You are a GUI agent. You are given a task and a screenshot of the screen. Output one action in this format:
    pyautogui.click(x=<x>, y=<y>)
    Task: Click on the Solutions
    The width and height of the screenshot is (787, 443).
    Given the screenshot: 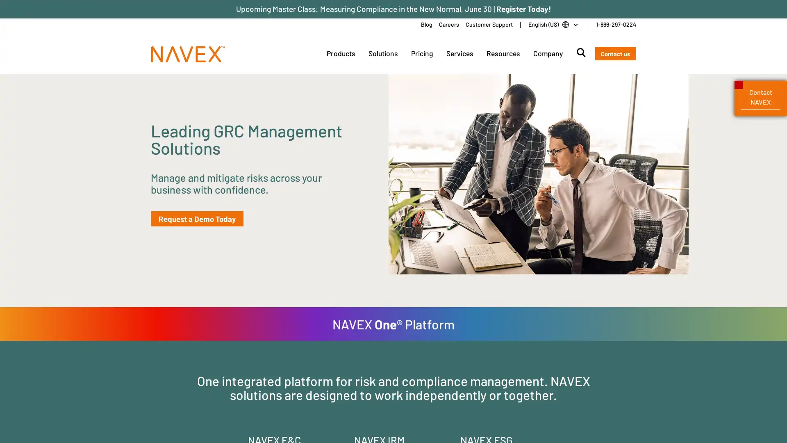 What is the action you would take?
    pyautogui.click(x=382, y=53)
    